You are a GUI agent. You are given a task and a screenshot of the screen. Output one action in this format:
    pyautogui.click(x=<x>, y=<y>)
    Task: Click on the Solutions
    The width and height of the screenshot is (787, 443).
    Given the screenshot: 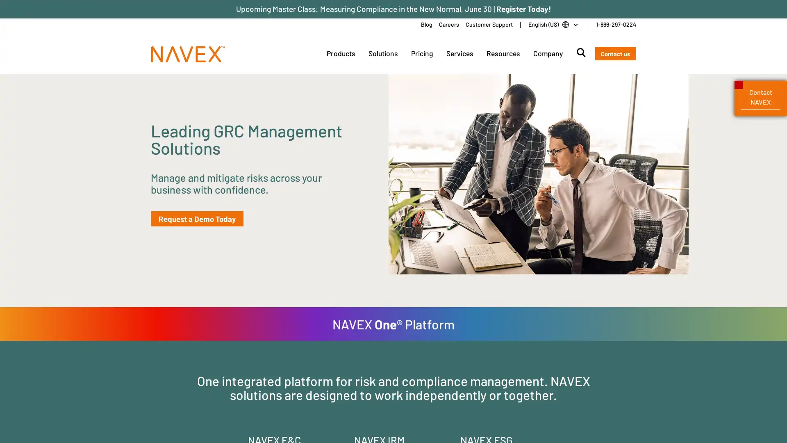 What is the action you would take?
    pyautogui.click(x=382, y=53)
    